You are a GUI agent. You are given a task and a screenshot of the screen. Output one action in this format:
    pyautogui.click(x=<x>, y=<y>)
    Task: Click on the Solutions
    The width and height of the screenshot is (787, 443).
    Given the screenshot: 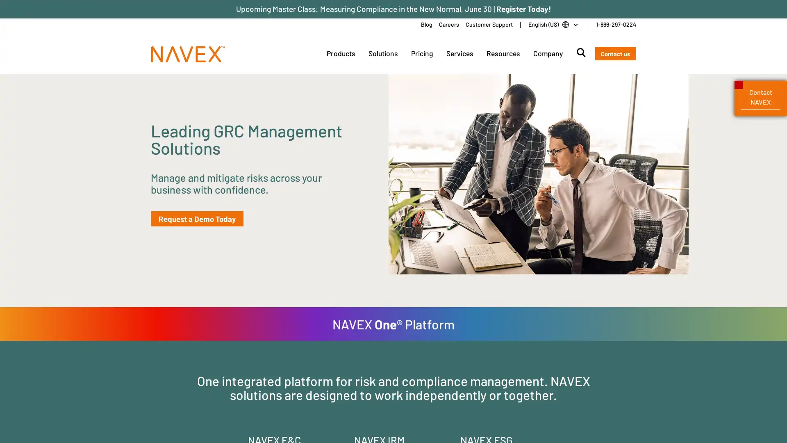 What is the action you would take?
    pyautogui.click(x=382, y=53)
    